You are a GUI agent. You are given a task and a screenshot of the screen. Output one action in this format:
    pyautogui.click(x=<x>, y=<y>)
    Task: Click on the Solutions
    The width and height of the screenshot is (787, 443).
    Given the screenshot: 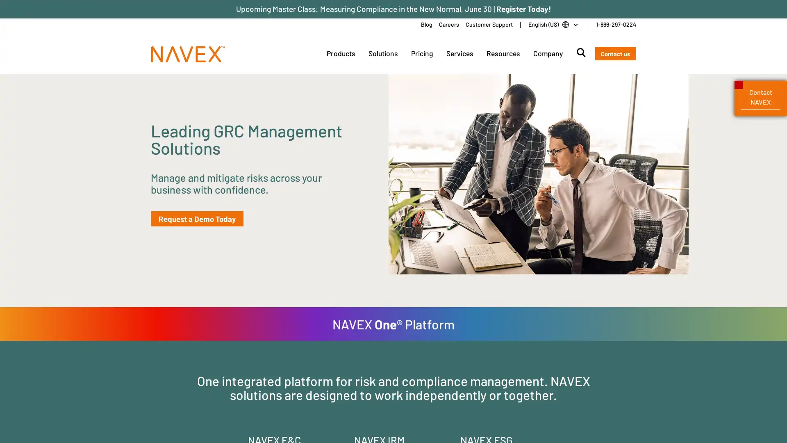 What is the action you would take?
    pyautogui.click(x=382, y=53)
    